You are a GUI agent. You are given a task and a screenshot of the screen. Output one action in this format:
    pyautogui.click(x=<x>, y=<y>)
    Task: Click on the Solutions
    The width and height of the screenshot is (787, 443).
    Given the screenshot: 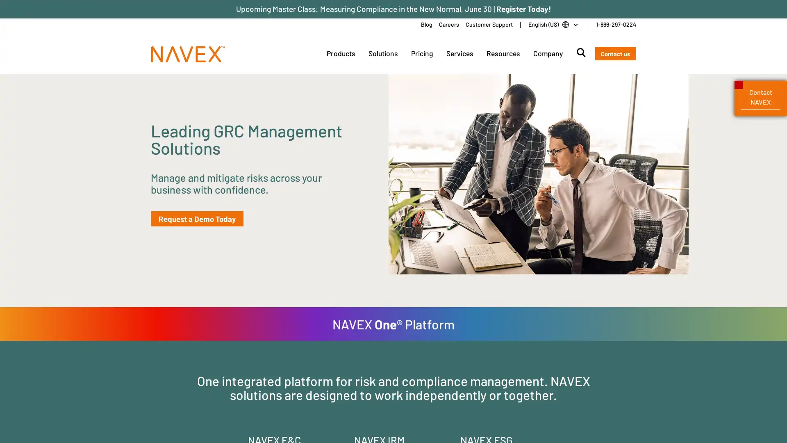 What is the action you would take?
    pyautogui.click(x=382, y=53)
    